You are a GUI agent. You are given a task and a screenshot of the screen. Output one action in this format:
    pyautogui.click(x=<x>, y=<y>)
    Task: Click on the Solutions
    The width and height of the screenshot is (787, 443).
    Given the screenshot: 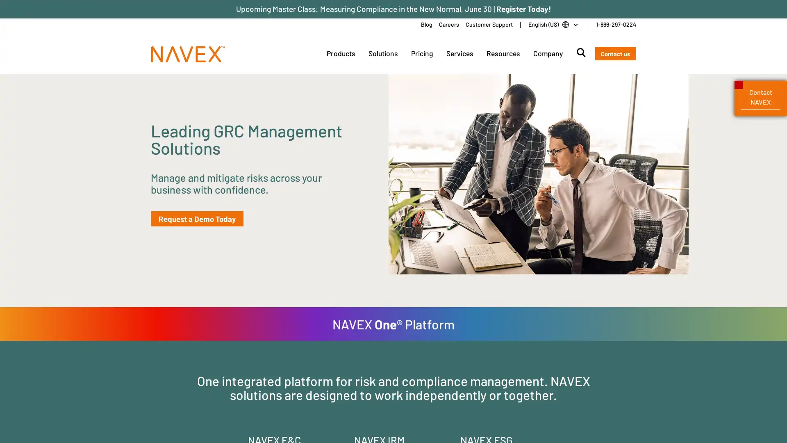 What is the action you would take?
    pyautogui.click(x=382, y=53)
    